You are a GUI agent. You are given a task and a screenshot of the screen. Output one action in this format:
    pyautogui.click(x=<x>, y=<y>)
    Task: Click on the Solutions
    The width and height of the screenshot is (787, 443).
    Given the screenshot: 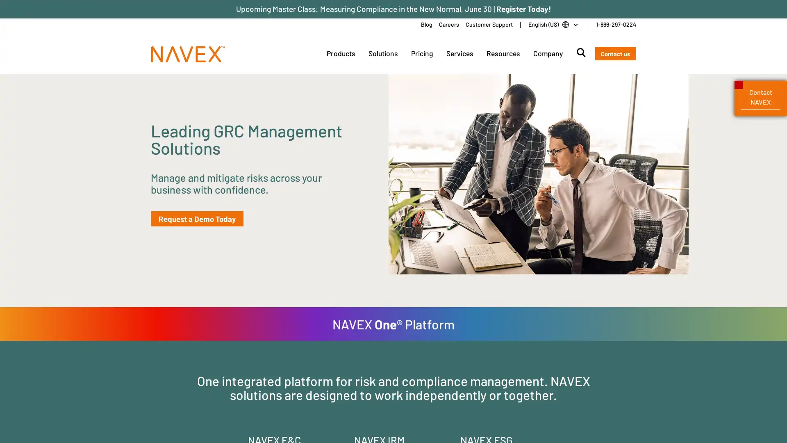 What is the action you would take?
    pyautogui.click(x=382, y=53)
    